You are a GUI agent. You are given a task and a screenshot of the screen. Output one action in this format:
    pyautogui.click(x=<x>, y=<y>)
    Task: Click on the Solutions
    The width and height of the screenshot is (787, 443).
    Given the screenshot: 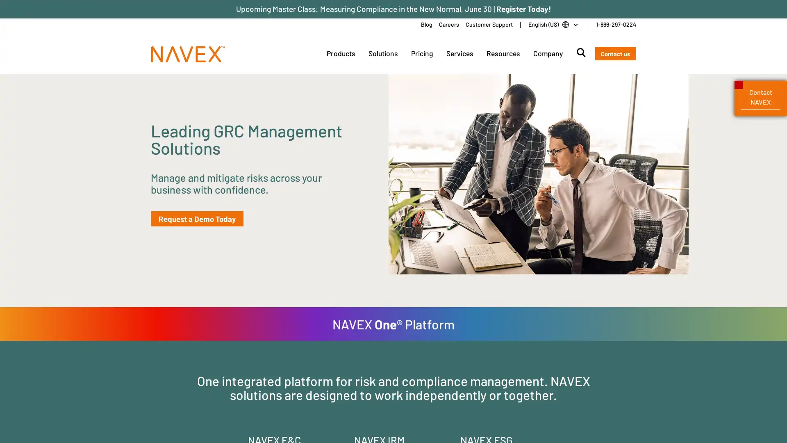 What is the action you would take?
    pyautogui.click(x=382, y=53)
    